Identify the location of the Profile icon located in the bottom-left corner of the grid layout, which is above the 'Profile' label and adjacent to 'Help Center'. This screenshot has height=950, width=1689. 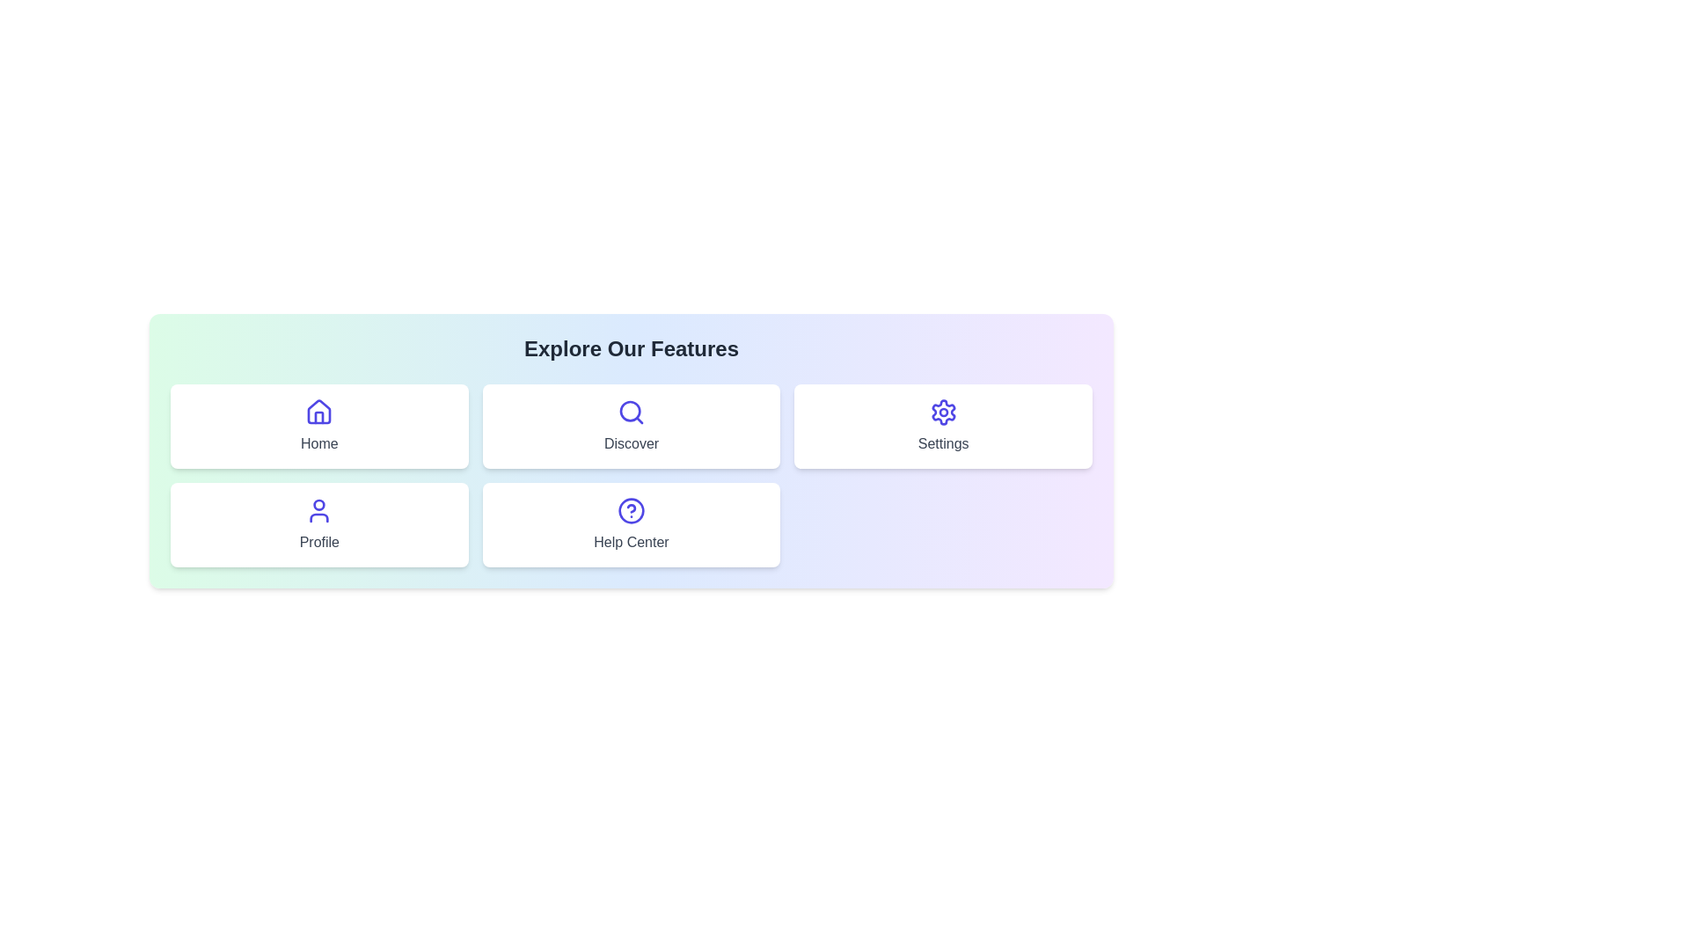
(319, 511).